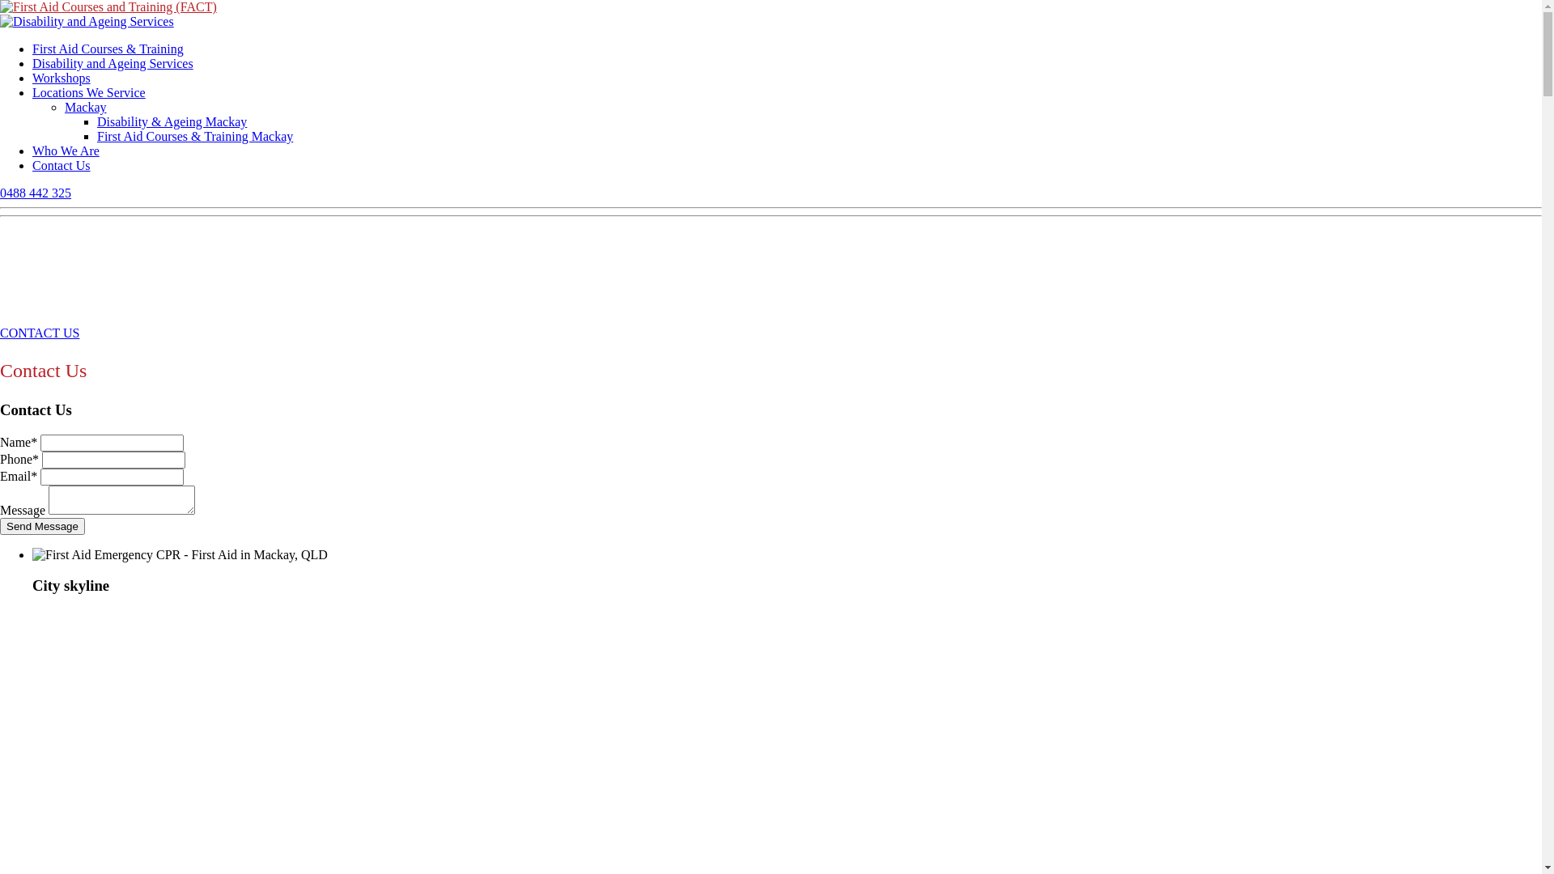 The height and width of the screenshot is (874, 1554). I want to click on 'Workshops', so click(62, 78).